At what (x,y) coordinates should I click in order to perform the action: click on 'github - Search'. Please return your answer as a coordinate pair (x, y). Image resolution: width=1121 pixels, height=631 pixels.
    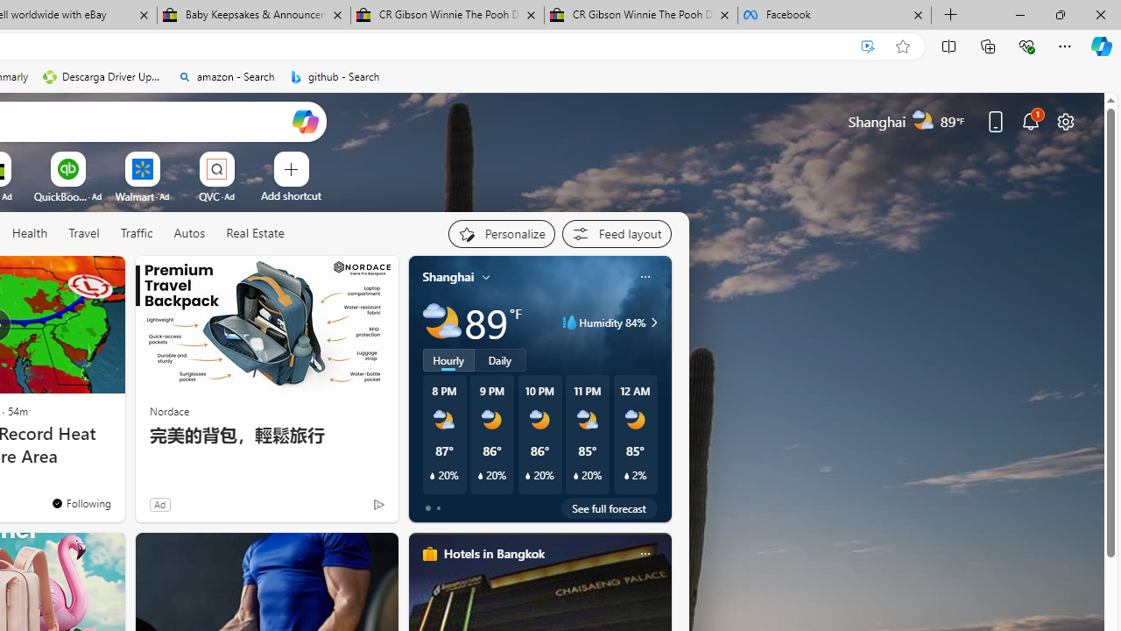
    Looking at the image, I should click on (335, 76).